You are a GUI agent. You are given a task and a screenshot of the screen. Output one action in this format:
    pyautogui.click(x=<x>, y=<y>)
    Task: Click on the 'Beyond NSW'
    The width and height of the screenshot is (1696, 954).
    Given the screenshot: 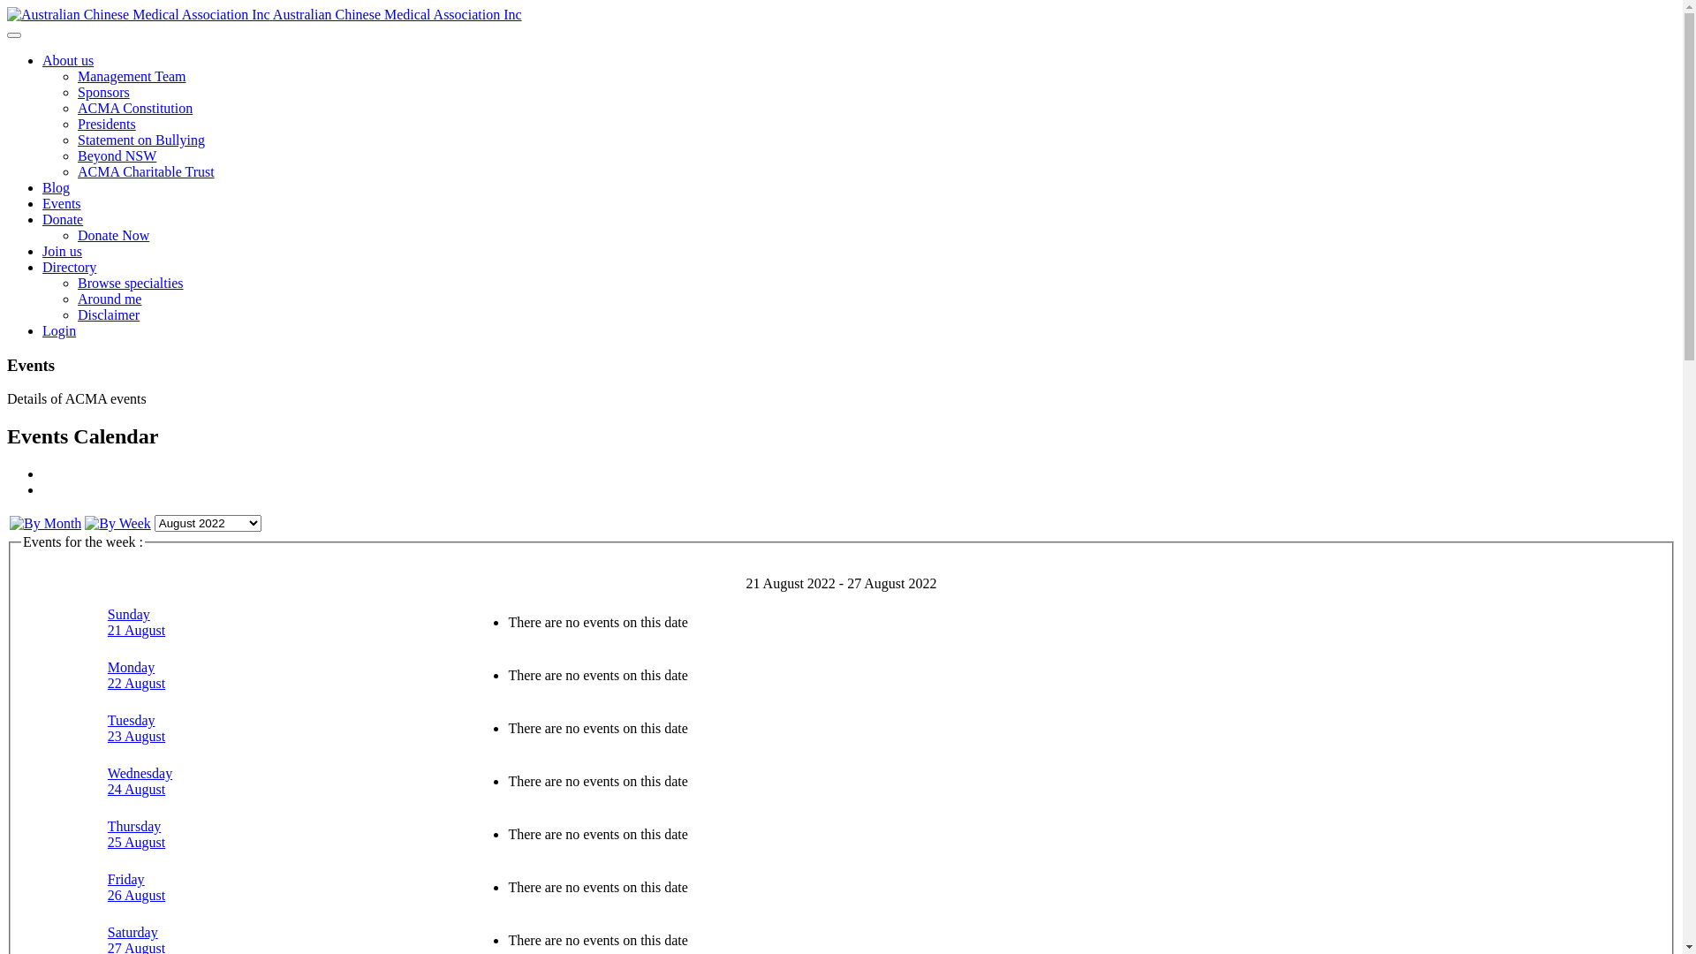 What is the action you would take?
    pyautogui.click(x=116, y=155)
    